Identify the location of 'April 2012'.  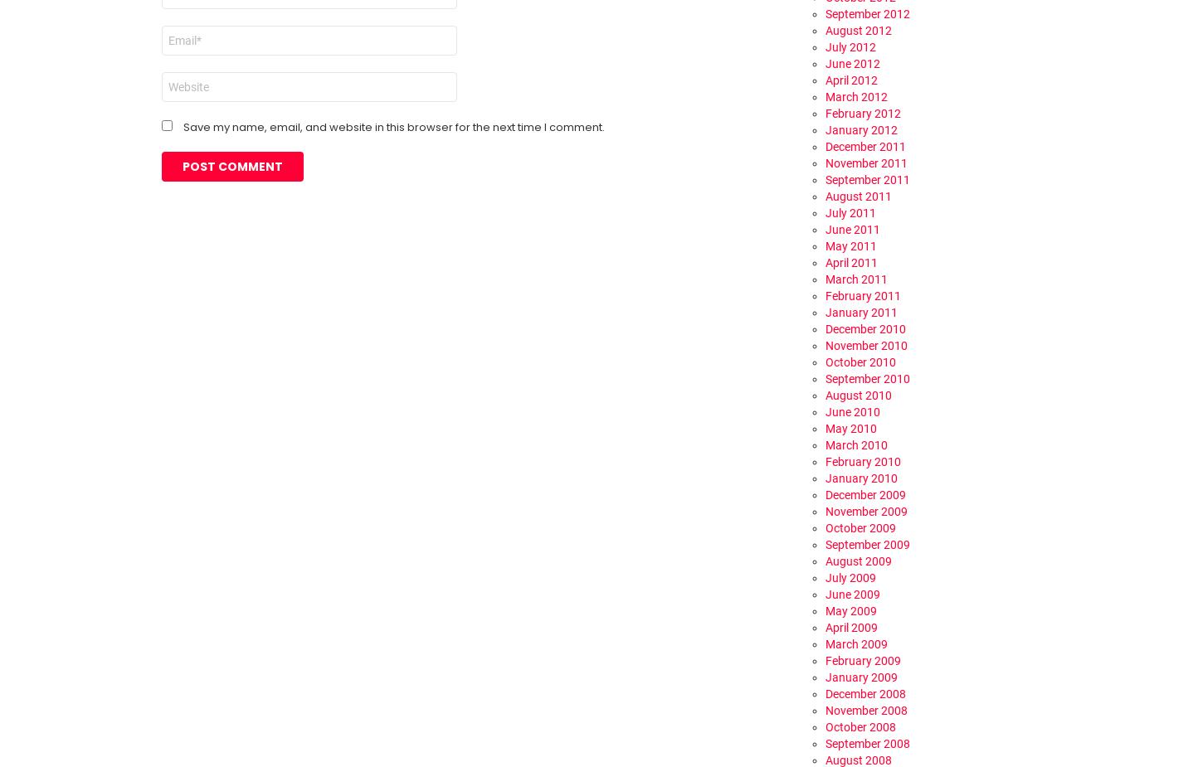
(851, 79).